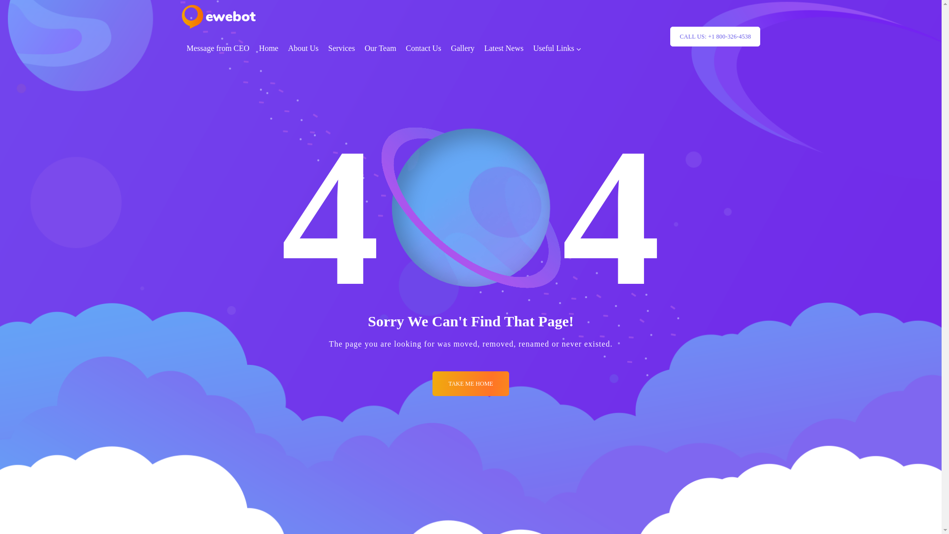 The width and height of the screenshot is (949, 534). Describe the element at coordinates (504, 48) in the screenshot. I see `'Latest News'` at that location.